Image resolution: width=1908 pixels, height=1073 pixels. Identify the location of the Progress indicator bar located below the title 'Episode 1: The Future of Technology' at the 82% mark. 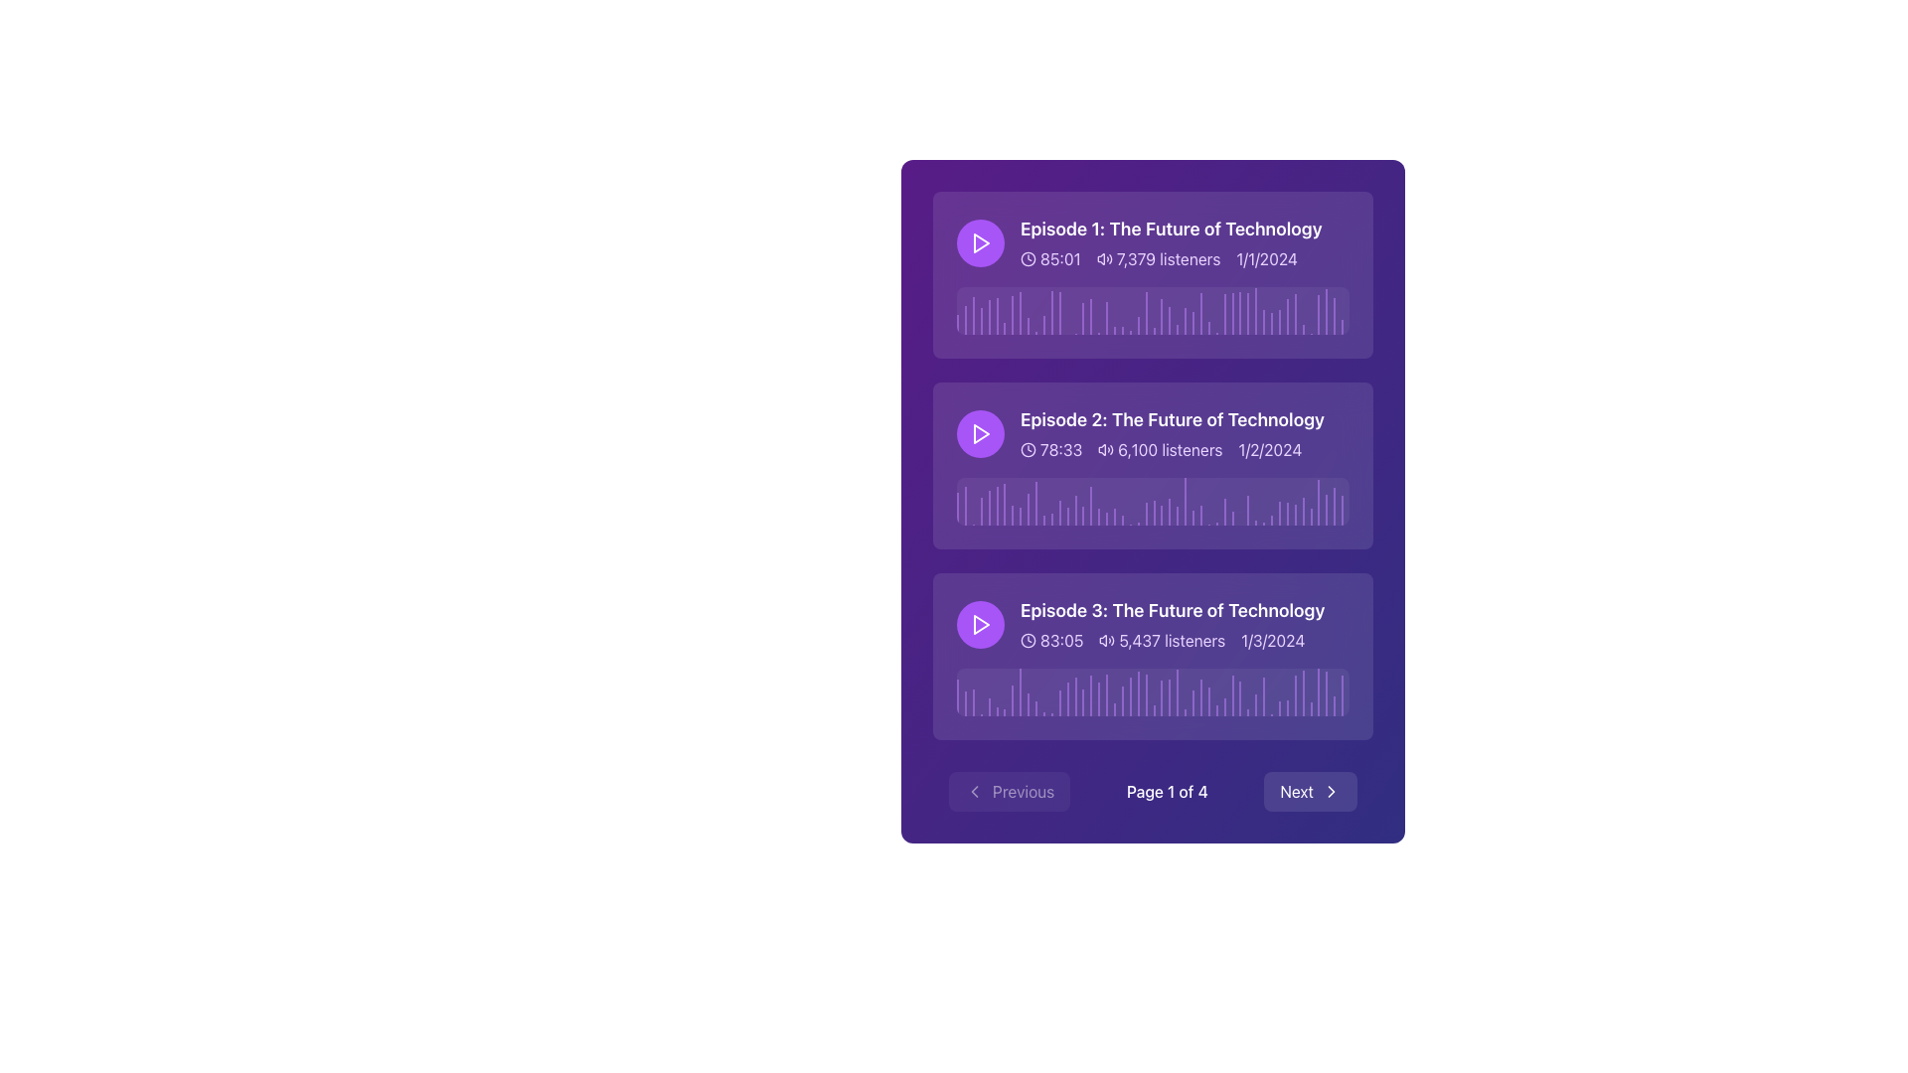
(1279, 321).